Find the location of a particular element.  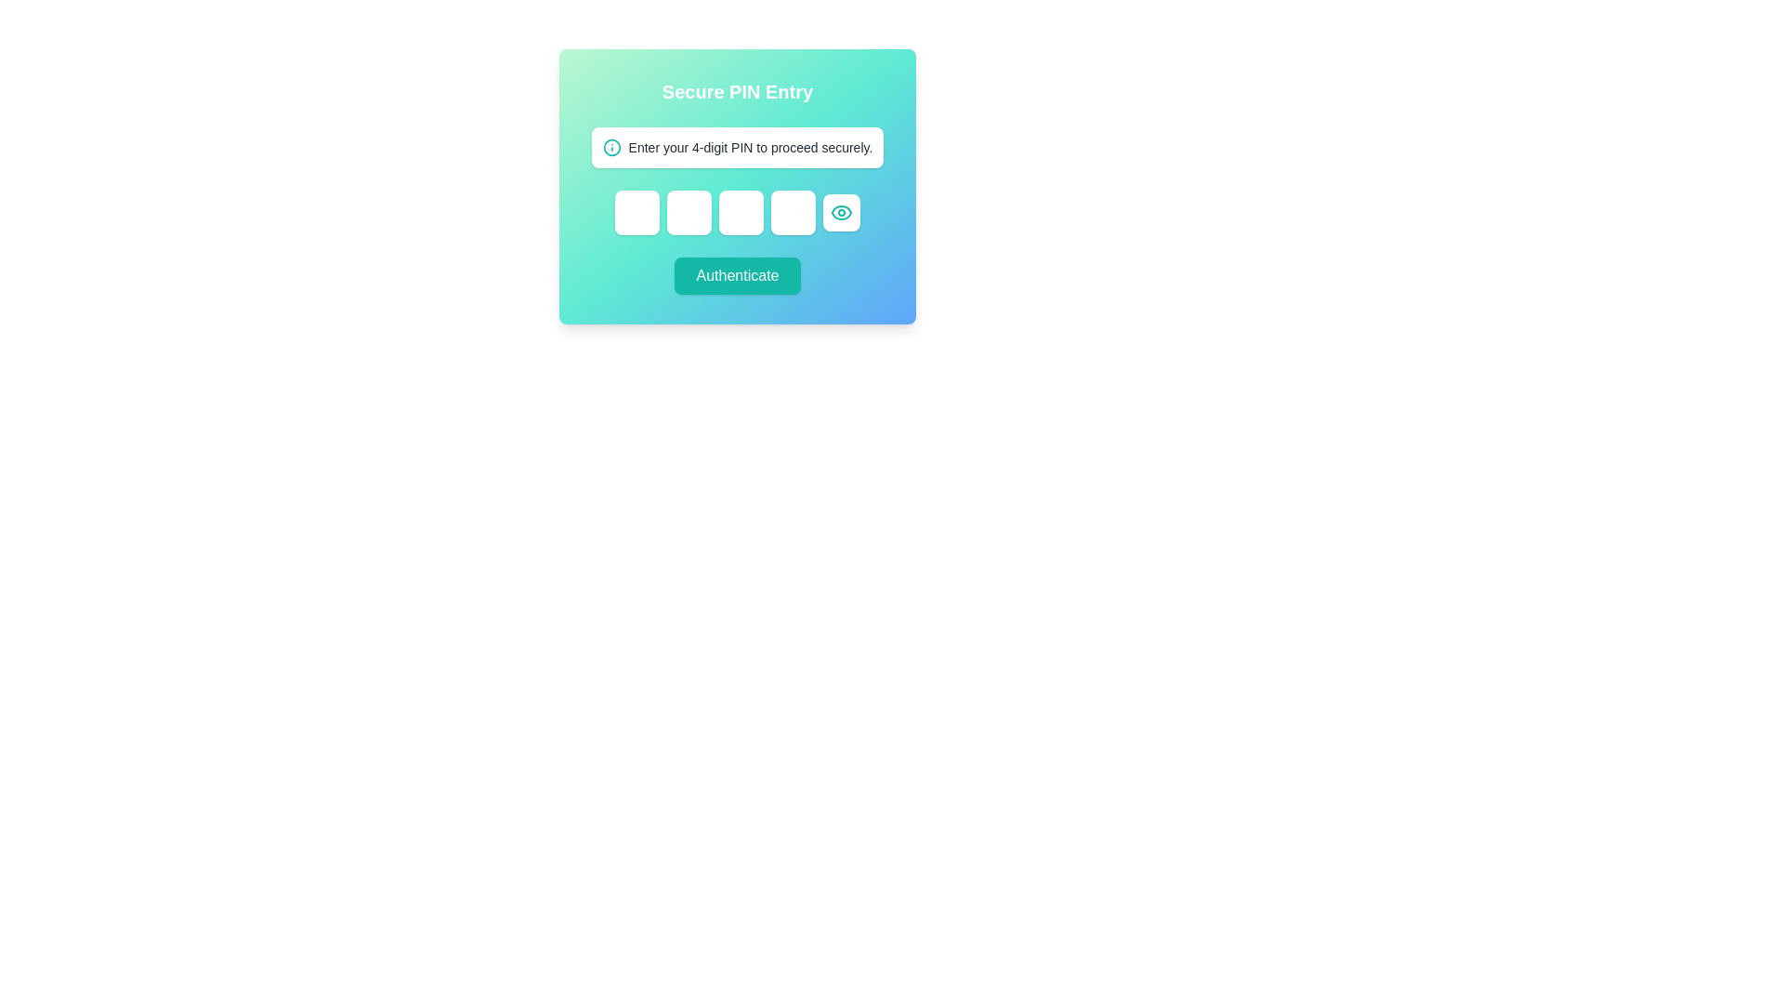

the third input box in the PIN entry interface to focus on the Password input field is located at coordinates (740, 211).